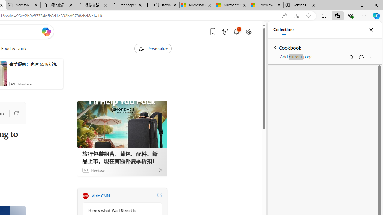 The image size is (383, 215). What do you see at coordinates (370, 57) in the screenshot?
I see `'More options menu'` at bounding box center [370, 57].